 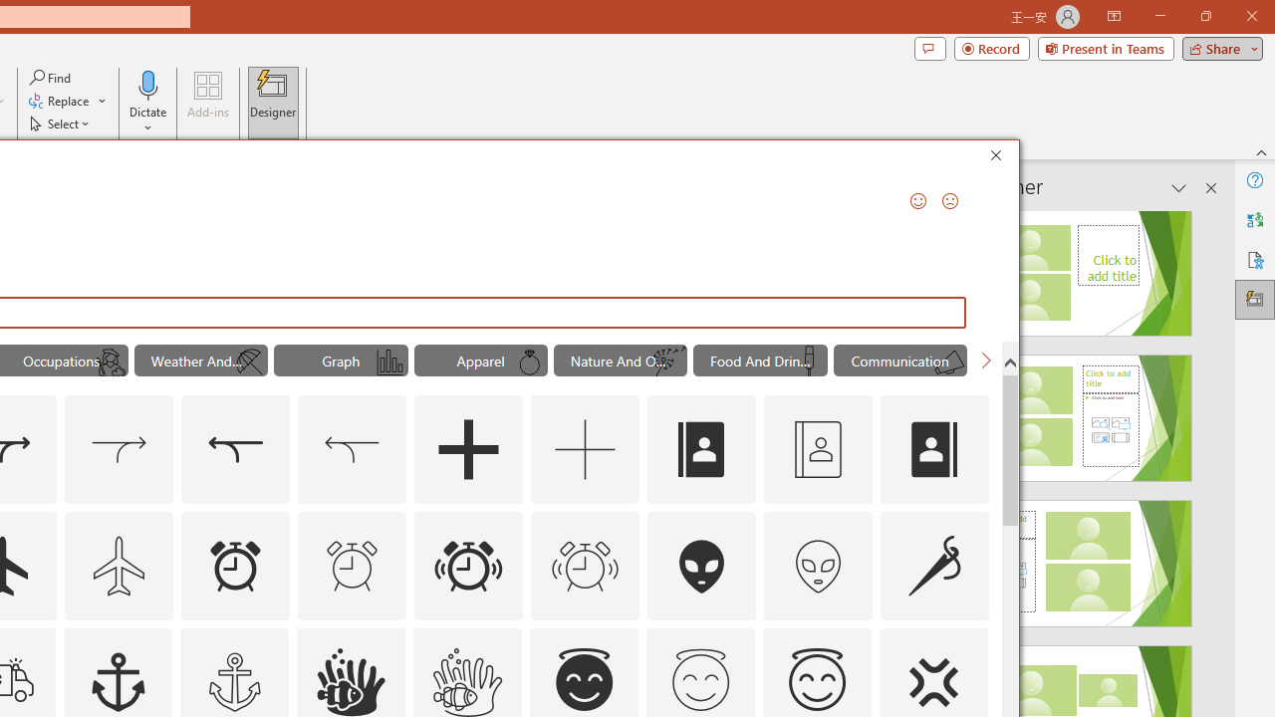 What do you see at coordinates (986, 360) in the screenshot?
I see `'Next Search Suggestion'` at bounding box center [986, 360].